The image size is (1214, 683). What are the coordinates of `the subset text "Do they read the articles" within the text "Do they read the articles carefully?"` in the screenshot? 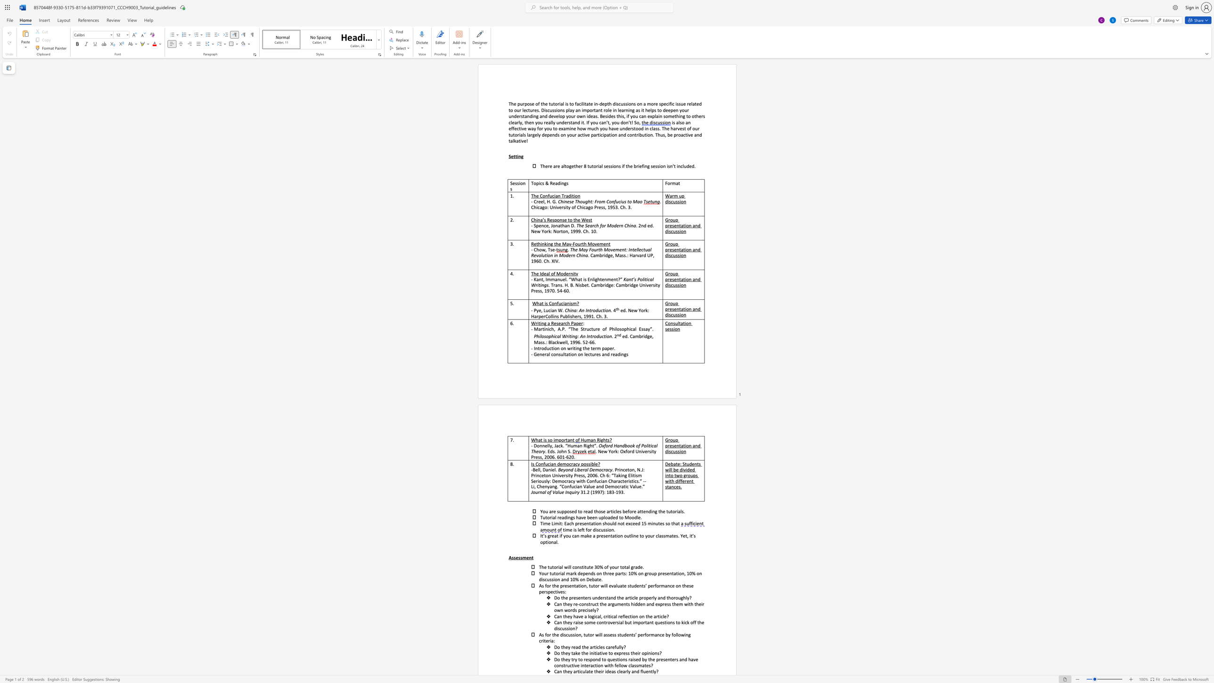 It's located at (554, 646).